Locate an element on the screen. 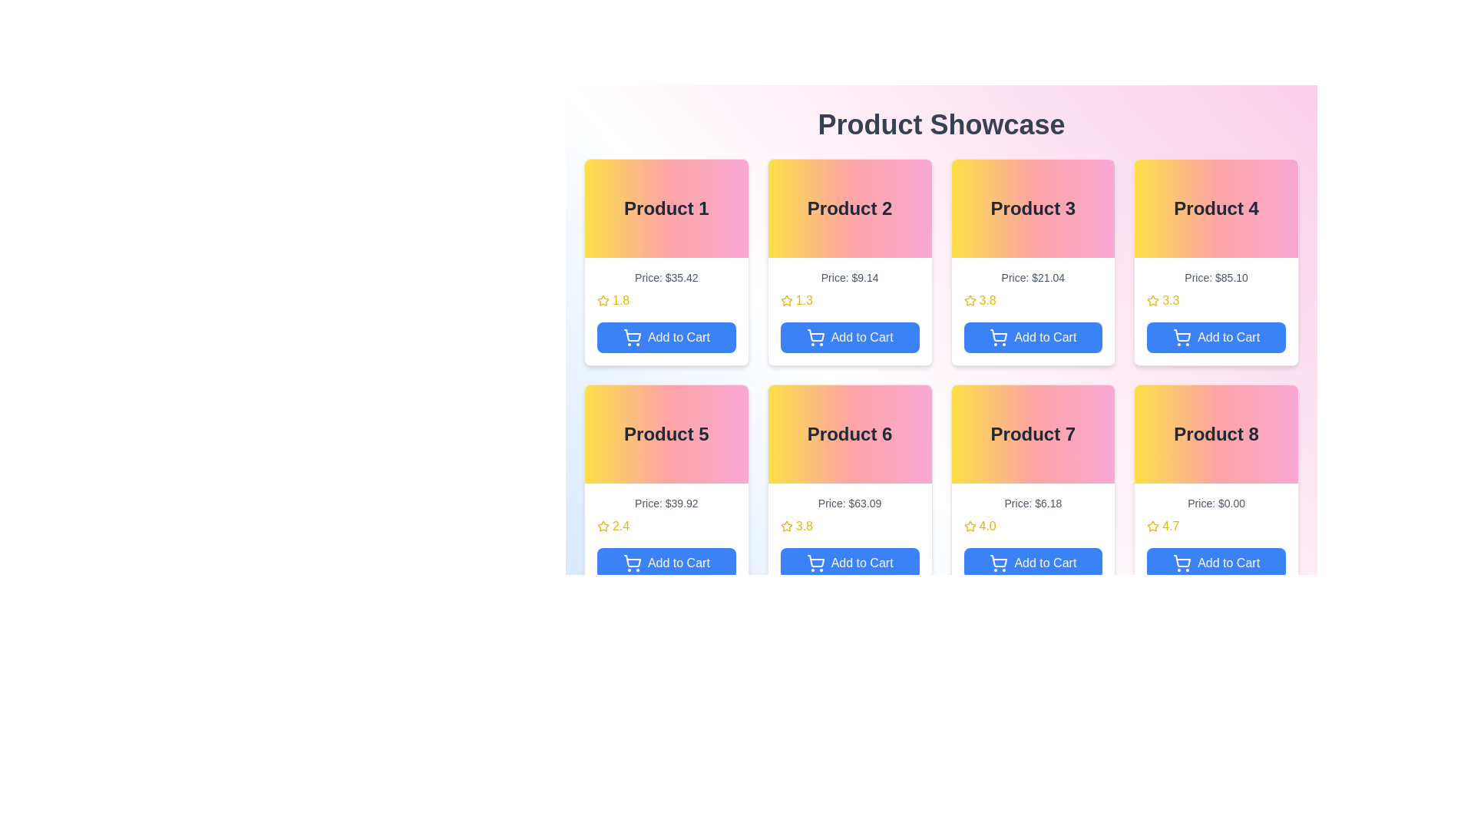 This screenshot has width=1474, height=829. the icon within the 'Add to Cart' button located under the 'Product 4' card, which represents the action of adding a product to the cart is located at coordinates (1182, 336).